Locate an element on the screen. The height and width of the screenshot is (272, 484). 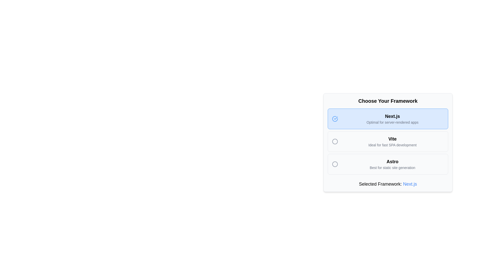
the text label that says 'Optimal for server-rendered apps', which is located below the 'Next.js' heading in the selectable framework list is located at coordinates (392, 122).